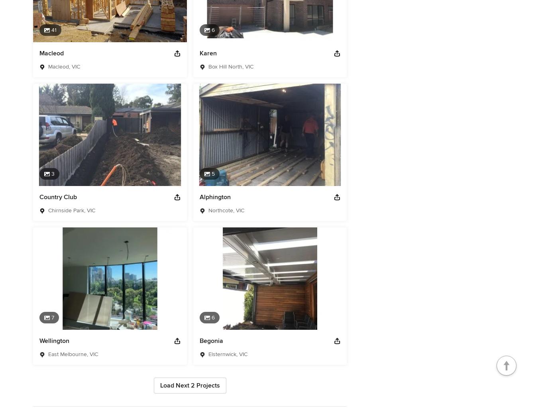  What do you see at coordinates (208, 210) in the screenshot?
I see `'Northcote, VIC'` at bounding box center [208, 210].